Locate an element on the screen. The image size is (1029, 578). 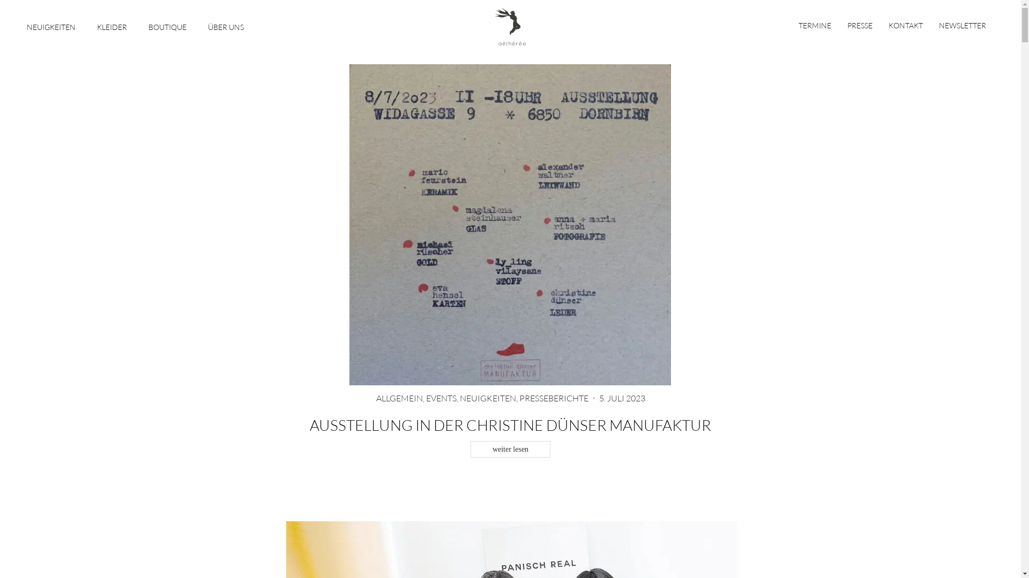
'KLEIDER' is located at coordinates (112, 25).